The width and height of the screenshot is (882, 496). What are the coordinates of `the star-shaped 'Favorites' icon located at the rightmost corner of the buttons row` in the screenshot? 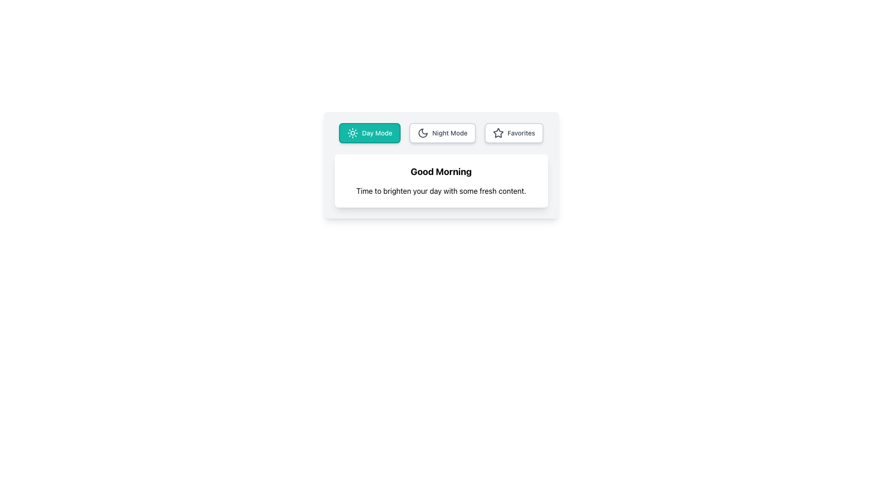 It's located at (498, 133).